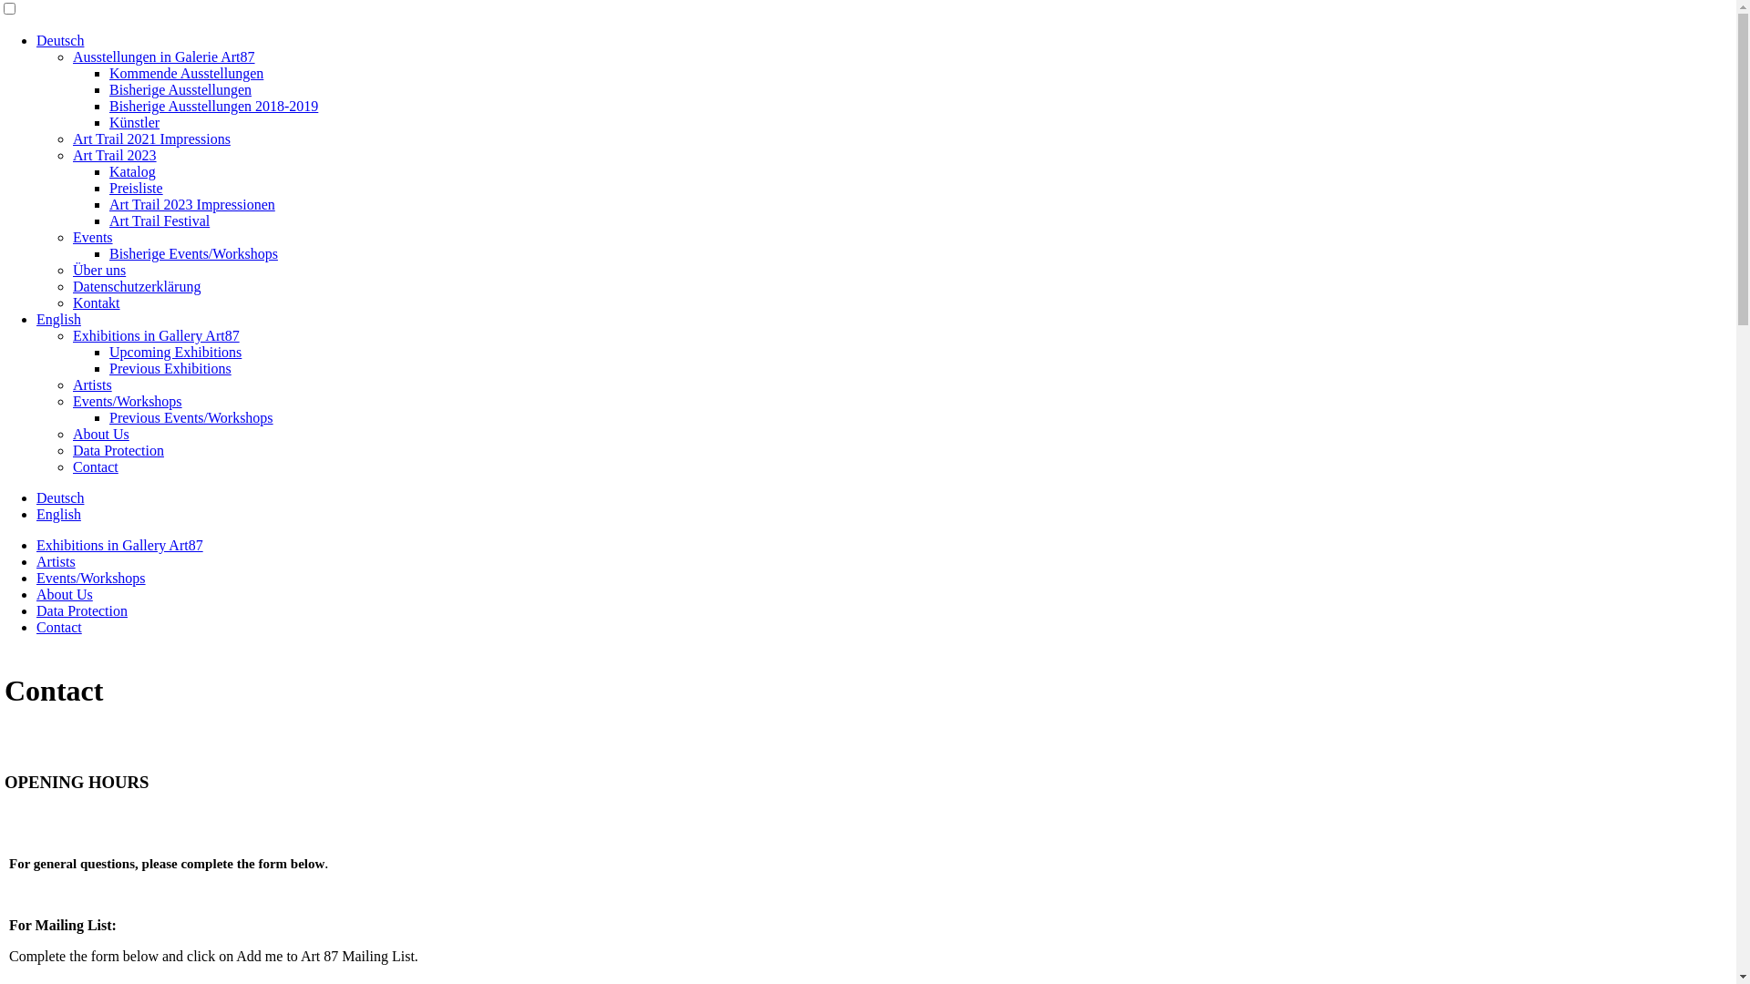  I want to click on 'Art Trail 2023 Impressionen', so click(192, 204).